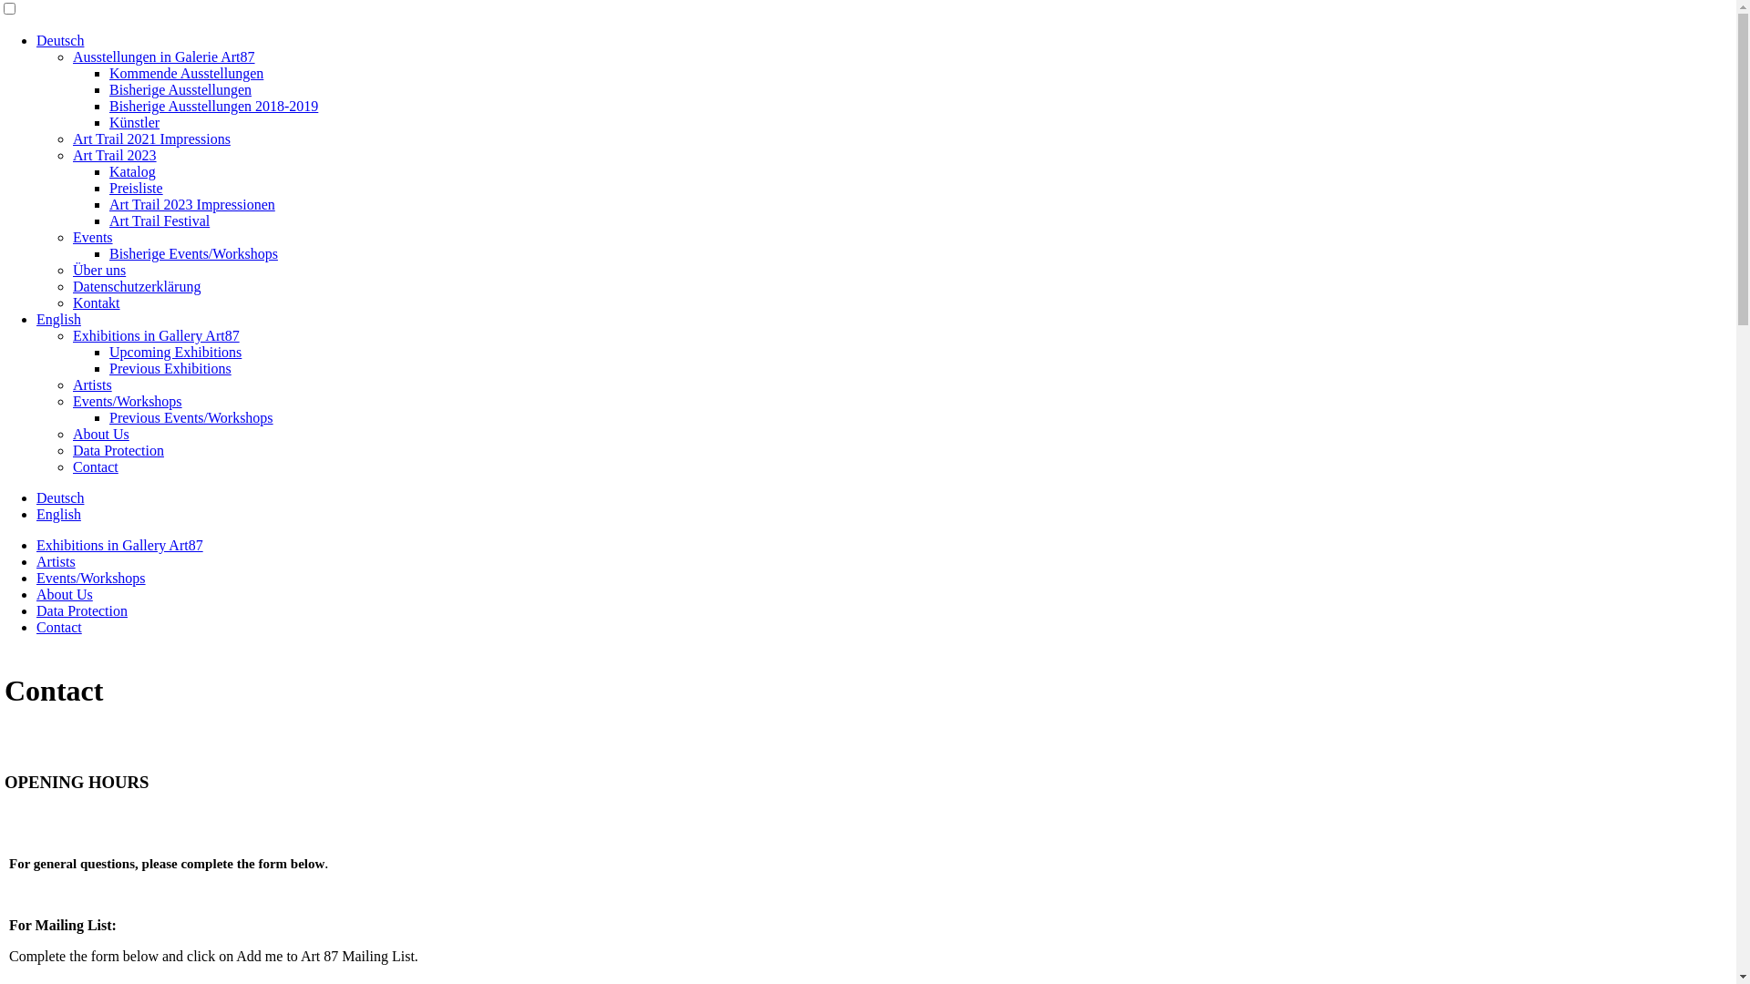  I want to click on 'Art Trail 2023 Impressionen', so click(192, 204).